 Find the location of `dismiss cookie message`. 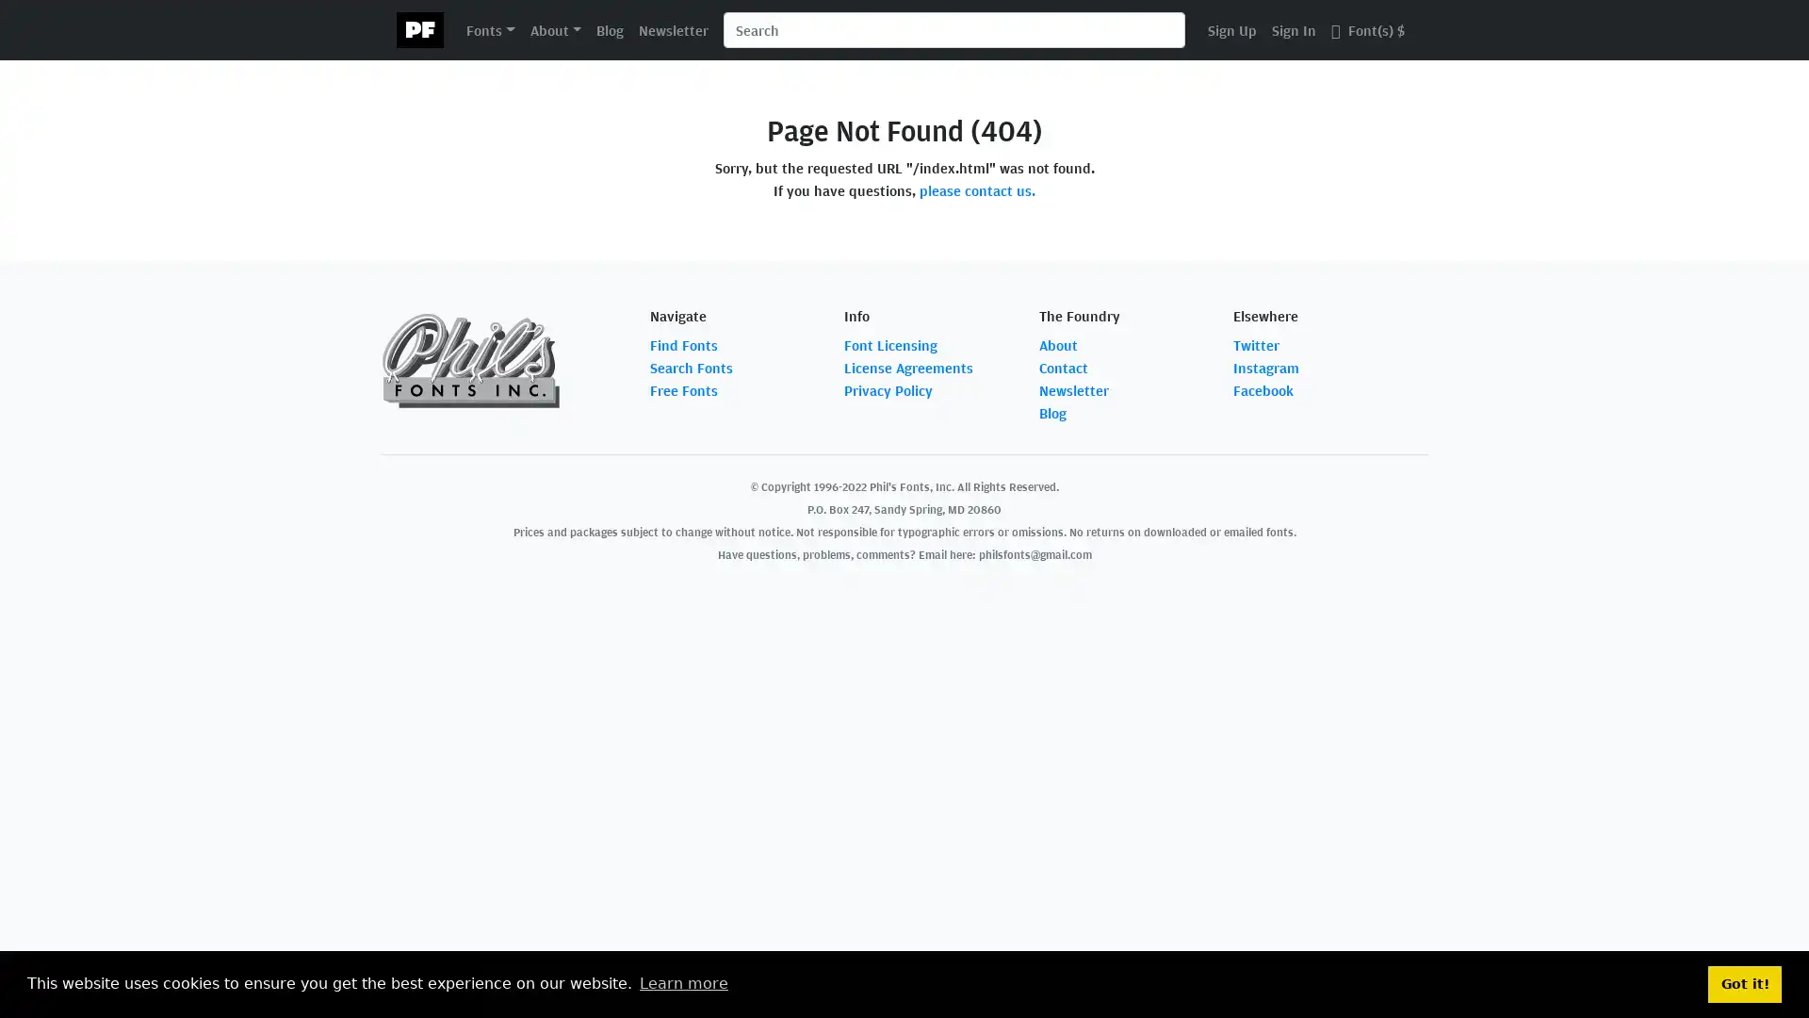

dismiss cookie message is located at coordinates (1744, 983).